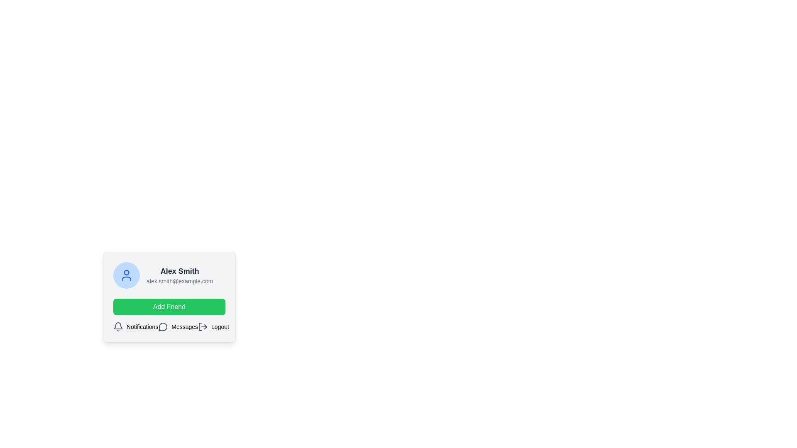 The image size is (797, 448). Describe the element at coordinates (178, 326) in the screenshot. I see `the 'Messages' button located at the bottom of the profile card` at that location.